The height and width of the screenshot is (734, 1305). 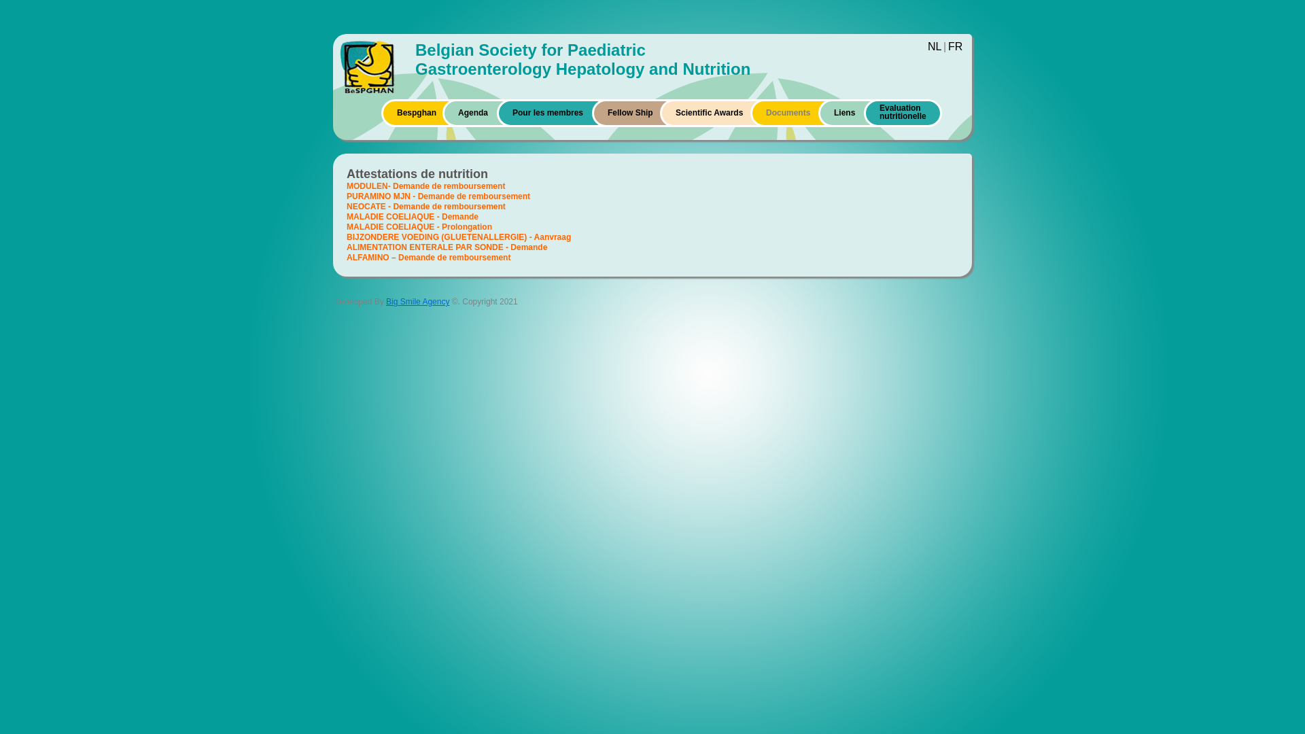 What do you see at coordinates (933, 46) in the screenshot?
I see `'NL'` at bounding box center [933, 46].